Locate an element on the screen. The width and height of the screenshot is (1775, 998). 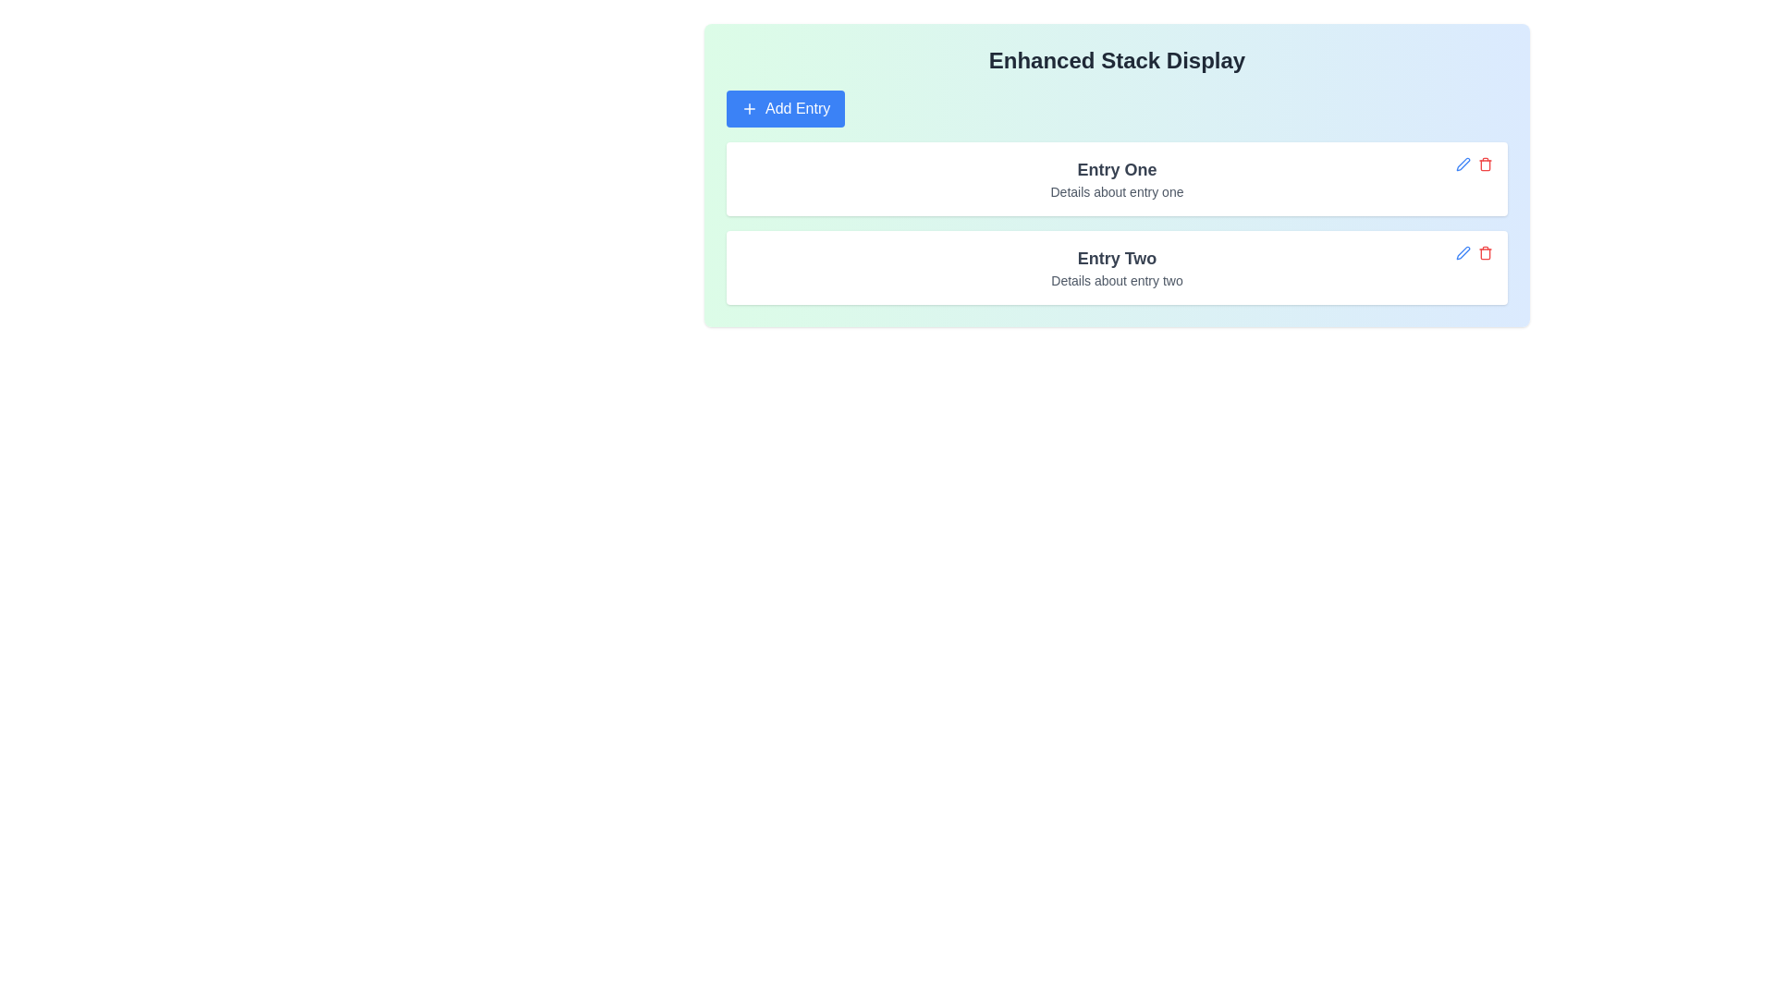
the delete button icon located at the top-right corner of the entry list to trigger any hover effects is located at coordinates (1486, 163).